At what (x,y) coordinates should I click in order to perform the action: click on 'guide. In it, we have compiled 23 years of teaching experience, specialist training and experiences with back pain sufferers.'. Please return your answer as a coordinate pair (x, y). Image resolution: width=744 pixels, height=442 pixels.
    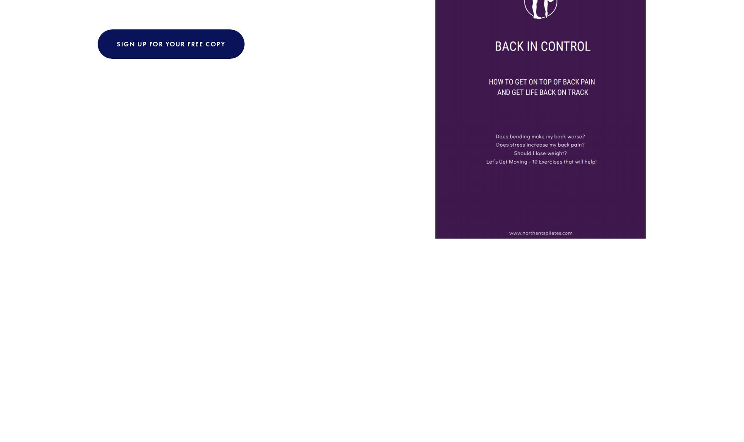
    Looking at the image, I should click on (252, 104).